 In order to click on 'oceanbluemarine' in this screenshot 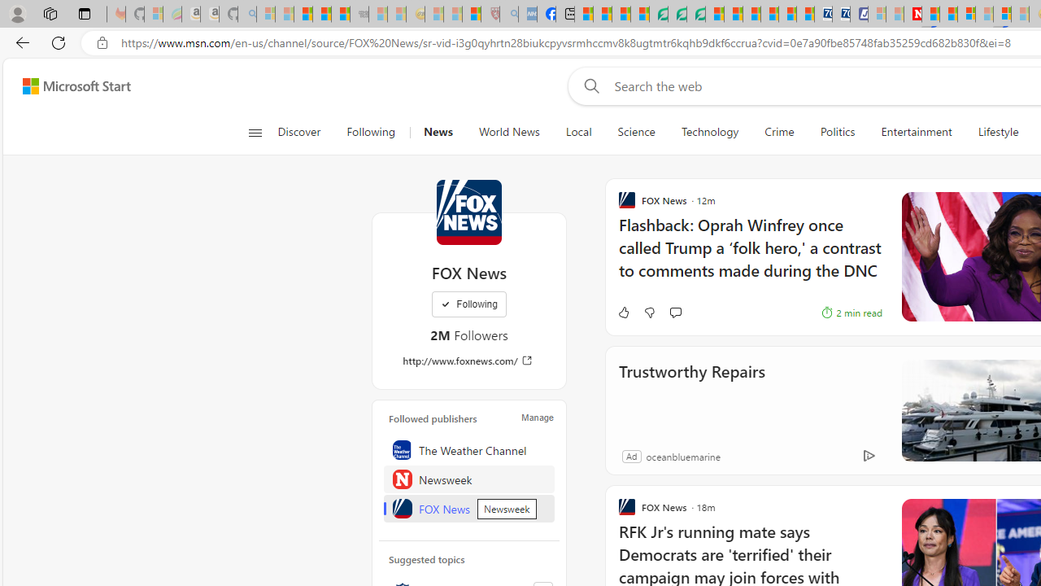, I will do `click(682, 456)`.